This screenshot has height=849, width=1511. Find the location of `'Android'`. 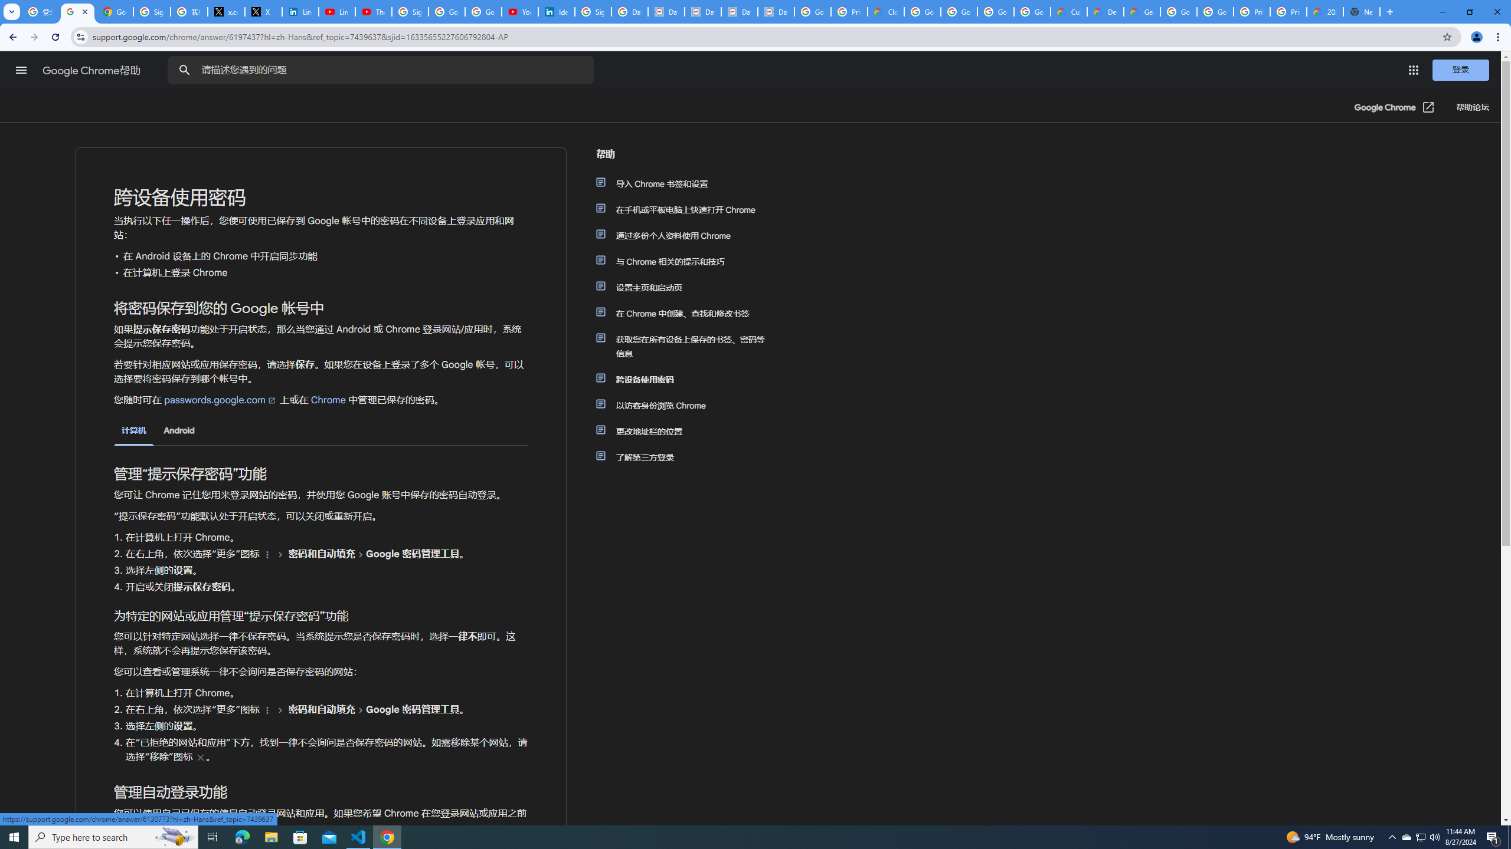

'Android' is located at coordinates (178, 430).